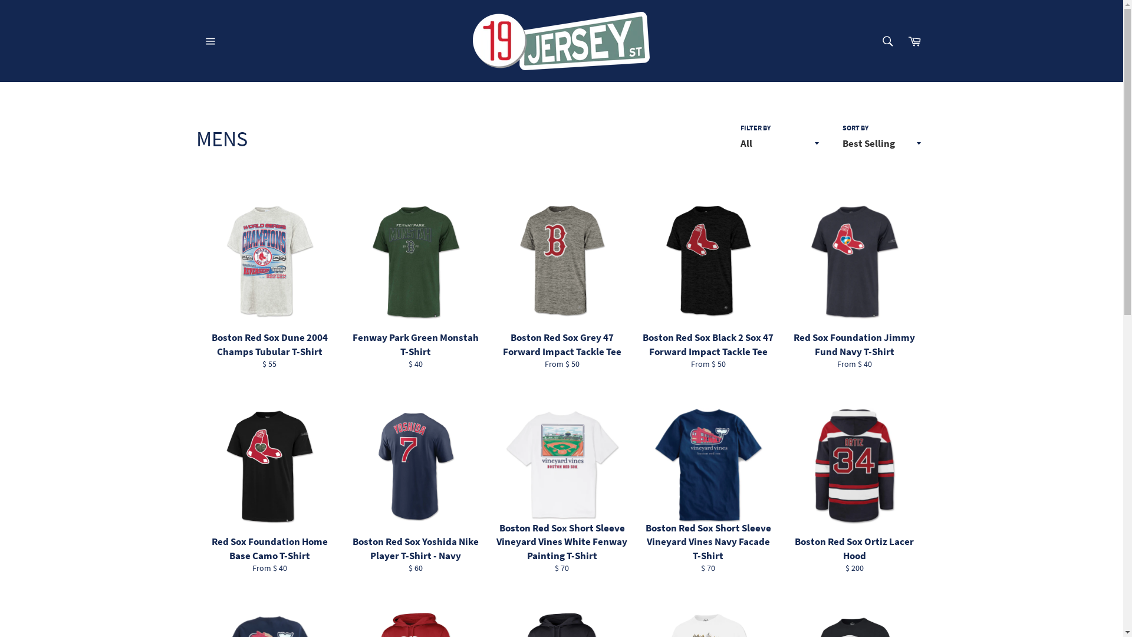  Describe the element at coordinates (913, 40) in the screenshot. I see `'Cart'` at that location.